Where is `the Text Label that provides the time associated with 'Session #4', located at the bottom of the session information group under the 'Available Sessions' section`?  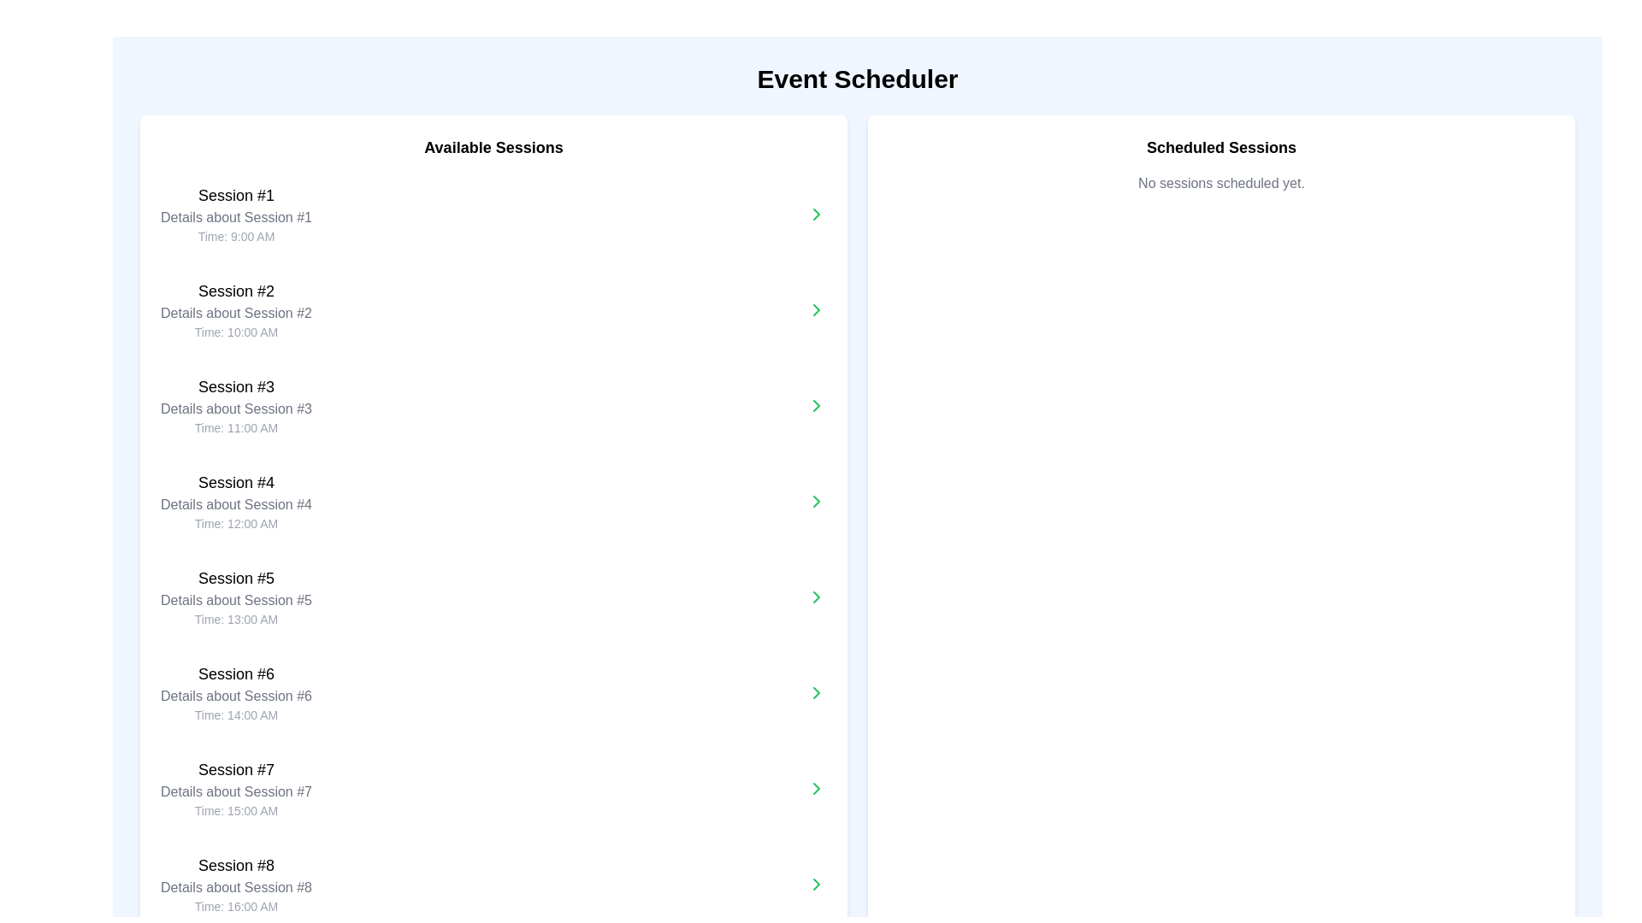 the Text Label that provides the time associated with 'Session #4', located at the bottom of the session information group under the 'Available Sessions' section is located at coordinates (235, 523).